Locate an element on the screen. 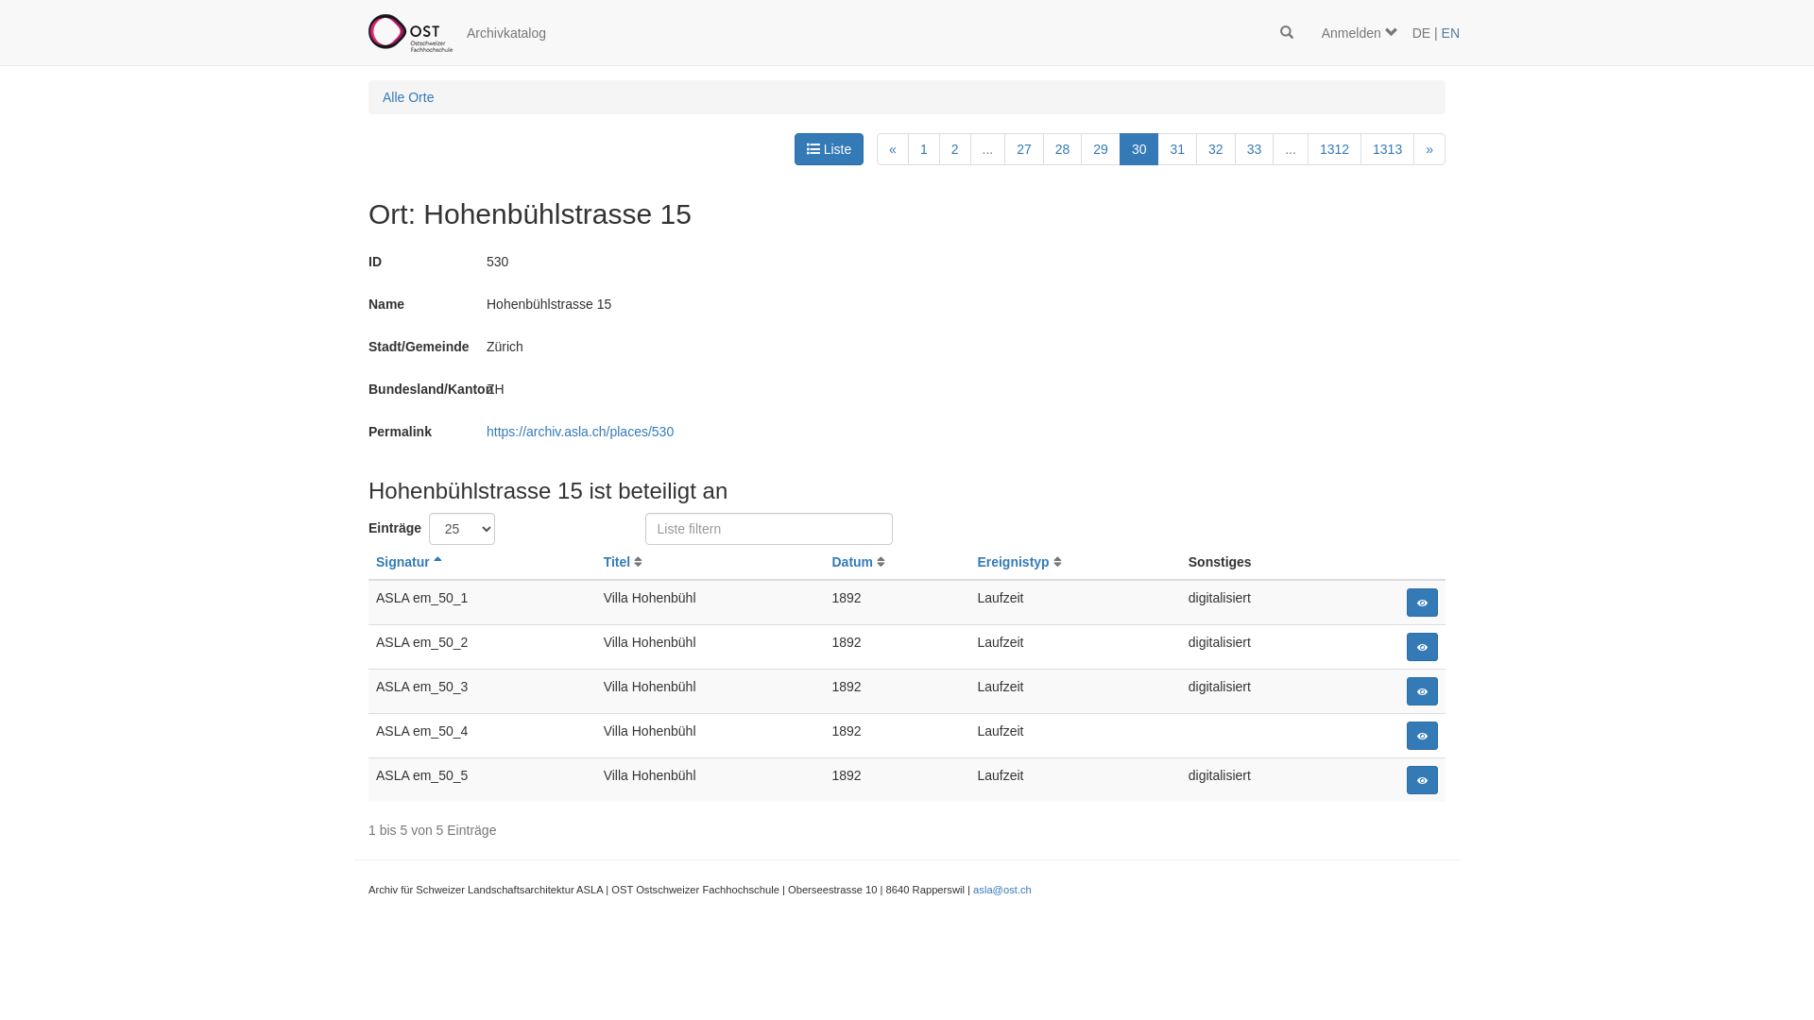 The height and width of the screenshot is (1020, 1814). '1313' is located at coordinates (1387, 148).